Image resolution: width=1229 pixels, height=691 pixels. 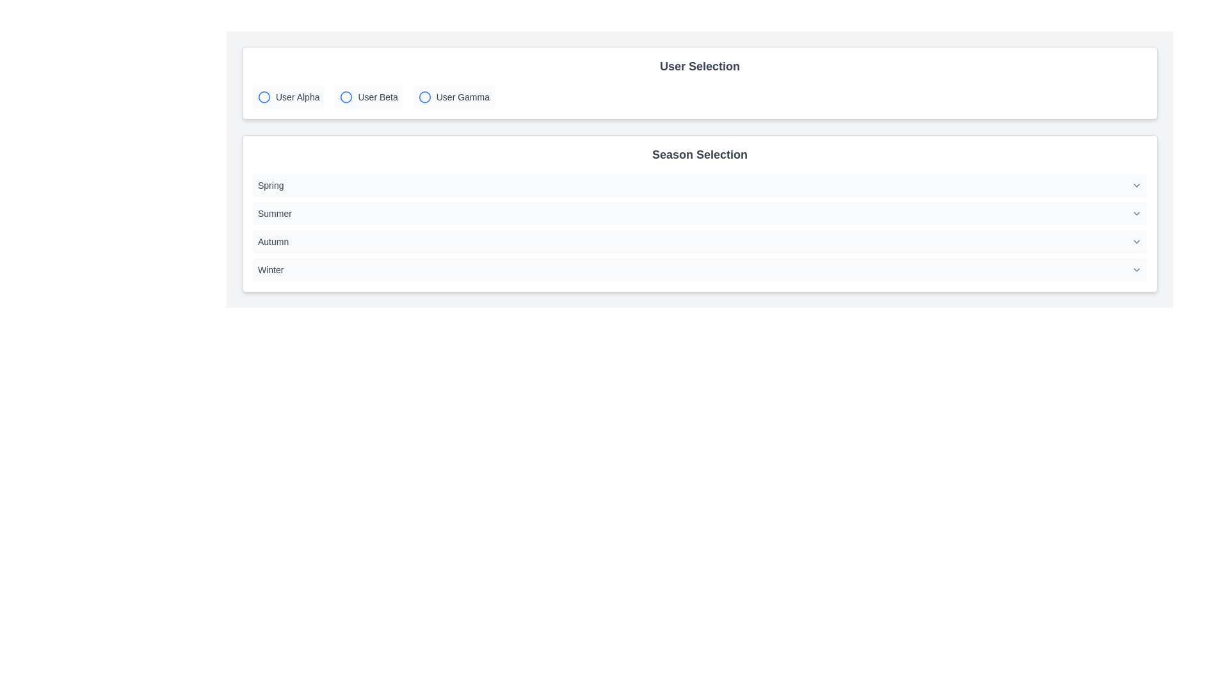 I want to click on the text label displaying 'Spring', which is the first selectable option in the season selection group, so click(x=270, y=185).